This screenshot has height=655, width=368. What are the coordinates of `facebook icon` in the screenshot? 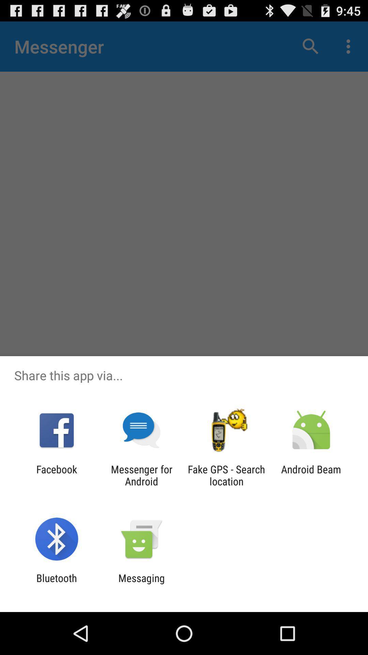 It's located at (56, 475).